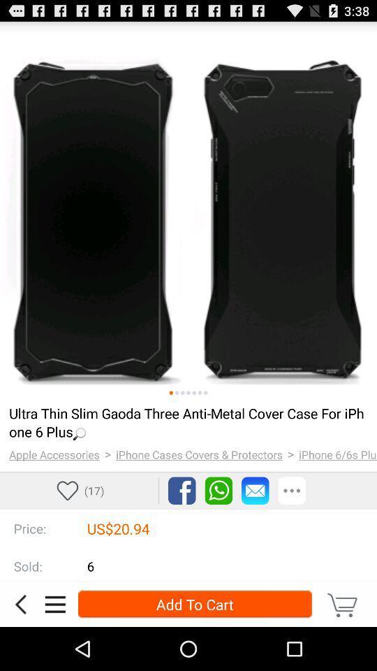  Describe the element at coordinates (188, 393) in the screenshot. I see `show the selected image` at that location.